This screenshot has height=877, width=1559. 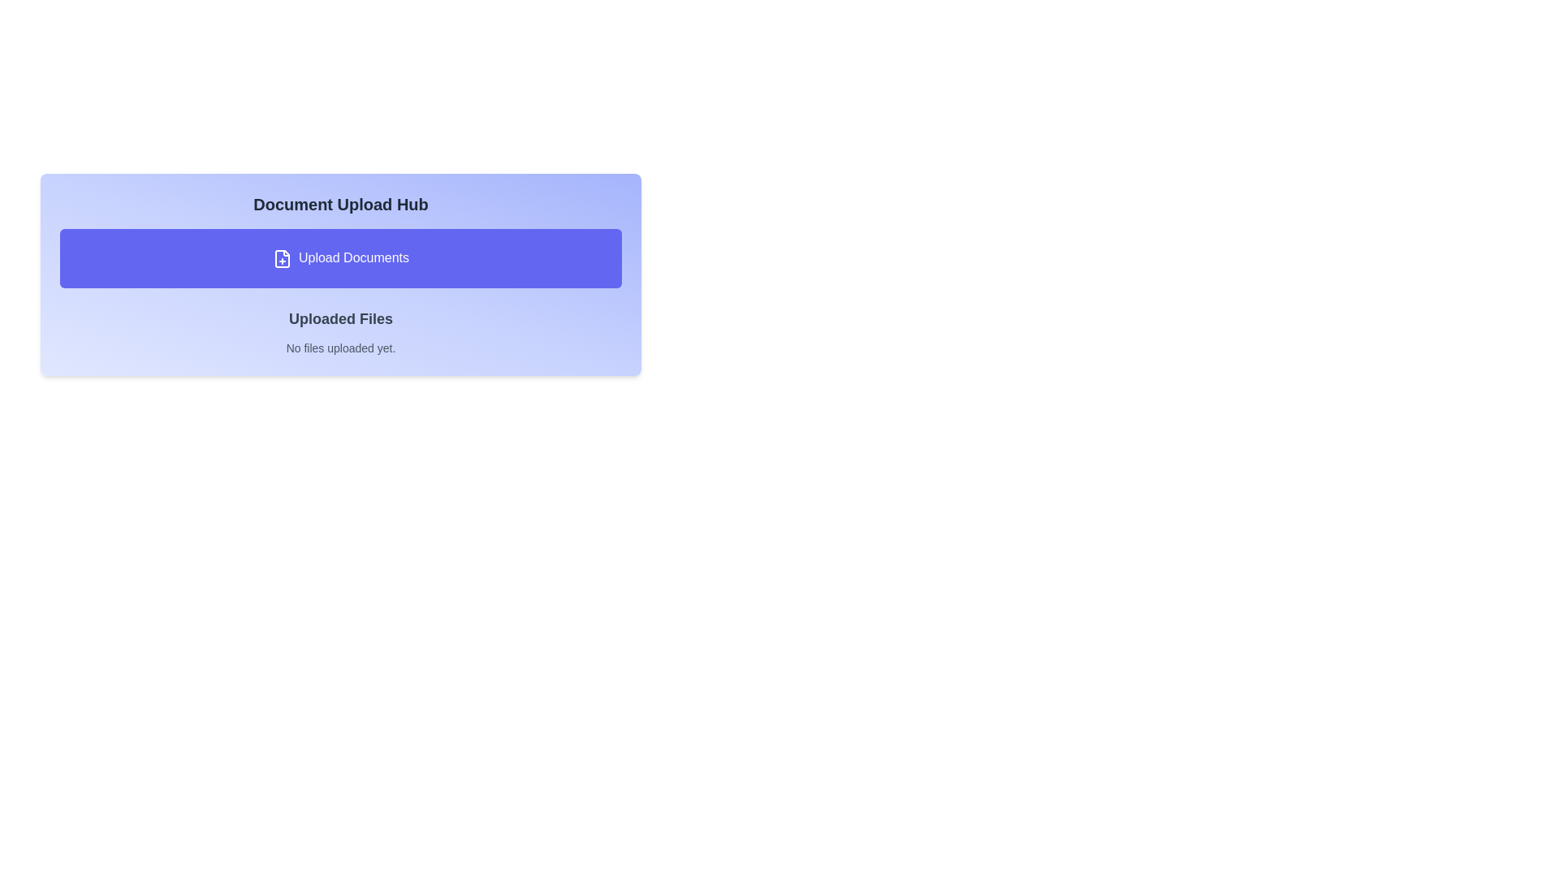 What do you see at coordinates (340, 347) in the screenshot?
I see `the text label that reads 'No files uploaded yet.' which is styled in gray and positioned below the heading 'Uploaded Files'` at bounding box center [340, 347].